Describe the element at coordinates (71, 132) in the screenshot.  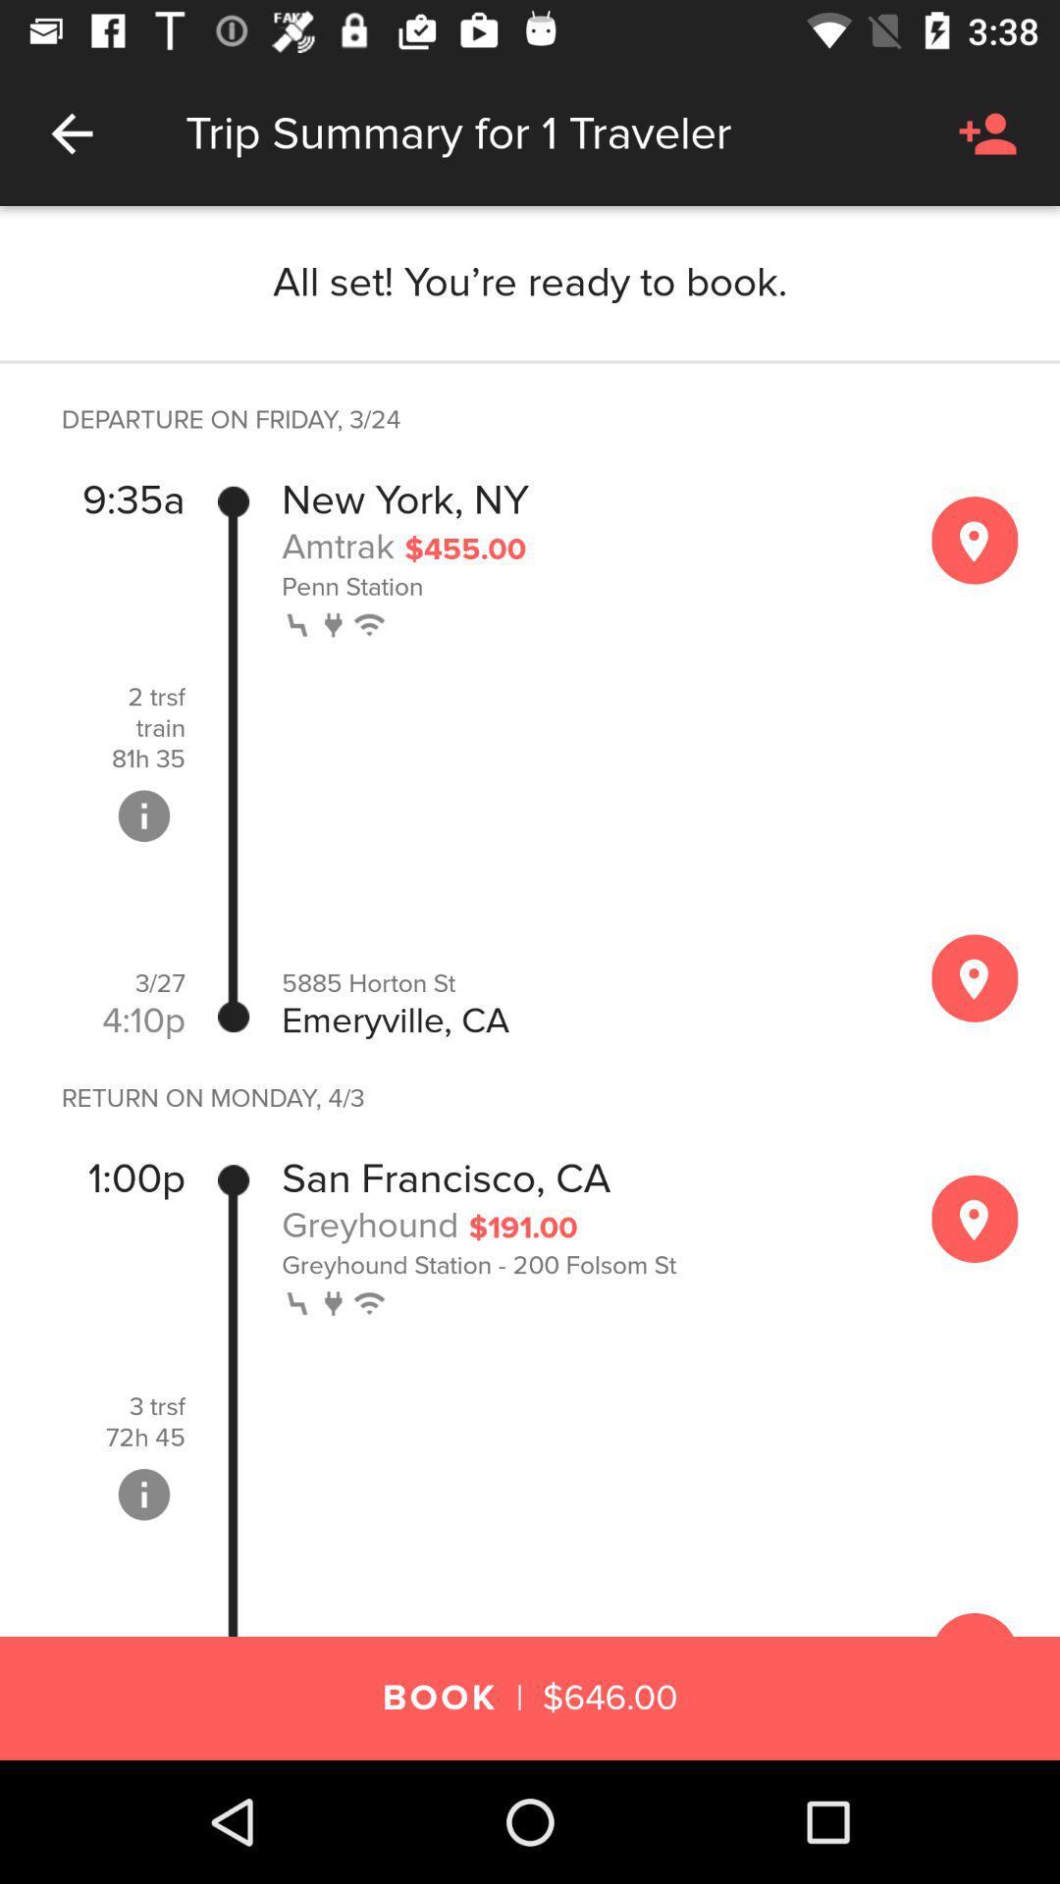
I see `go back` at that location.